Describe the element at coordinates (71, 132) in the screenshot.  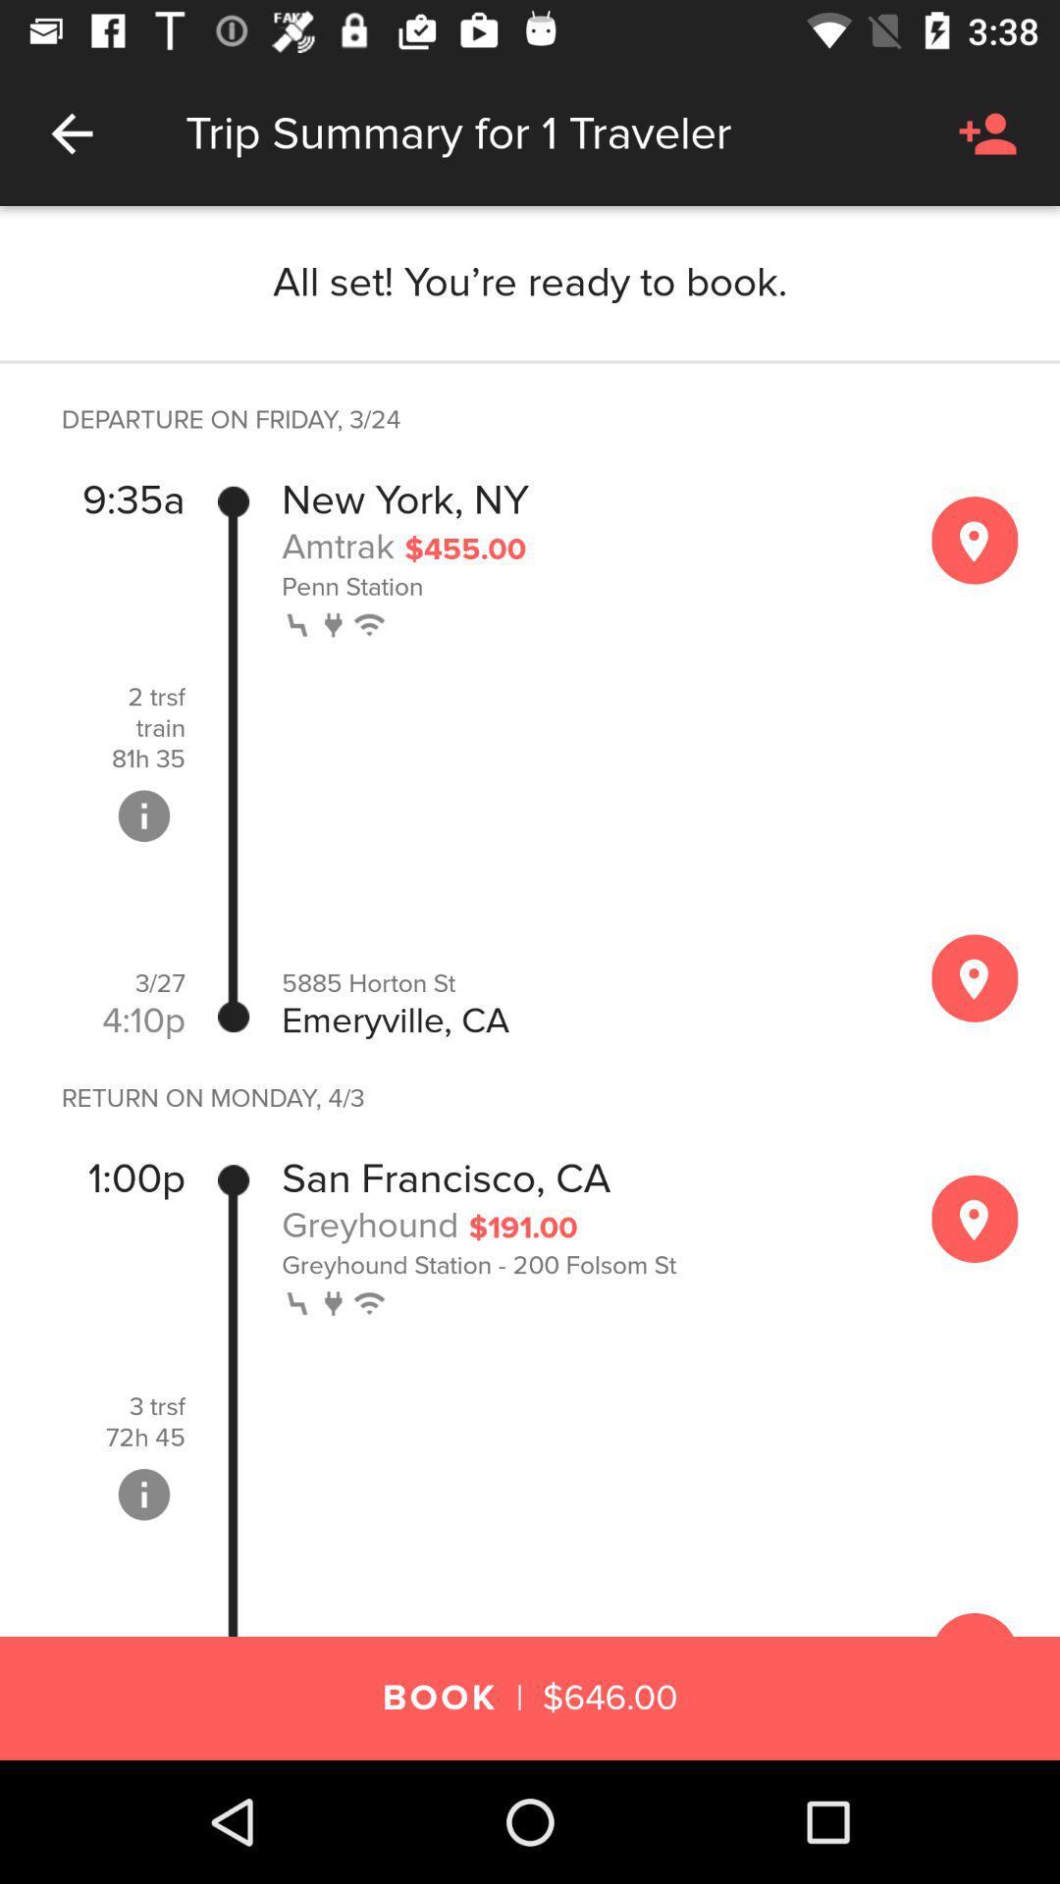
I see `go back` at that location.